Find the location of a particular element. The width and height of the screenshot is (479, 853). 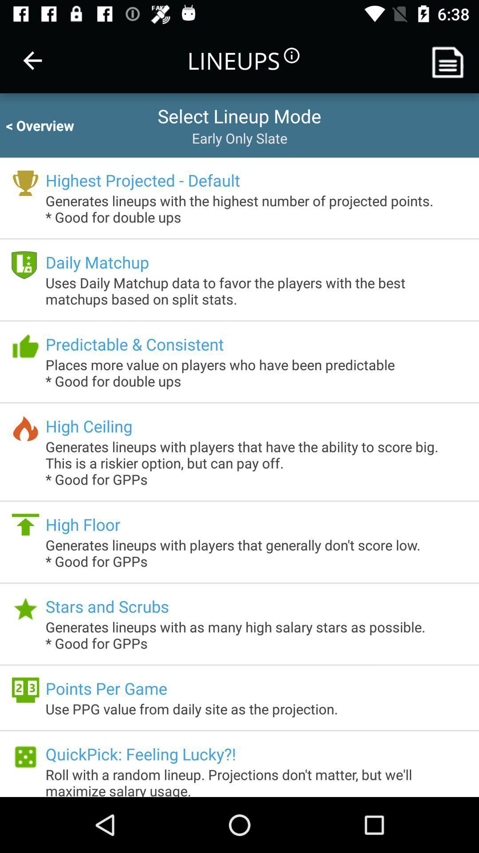

bookmark is located at coordinates (451, 60).